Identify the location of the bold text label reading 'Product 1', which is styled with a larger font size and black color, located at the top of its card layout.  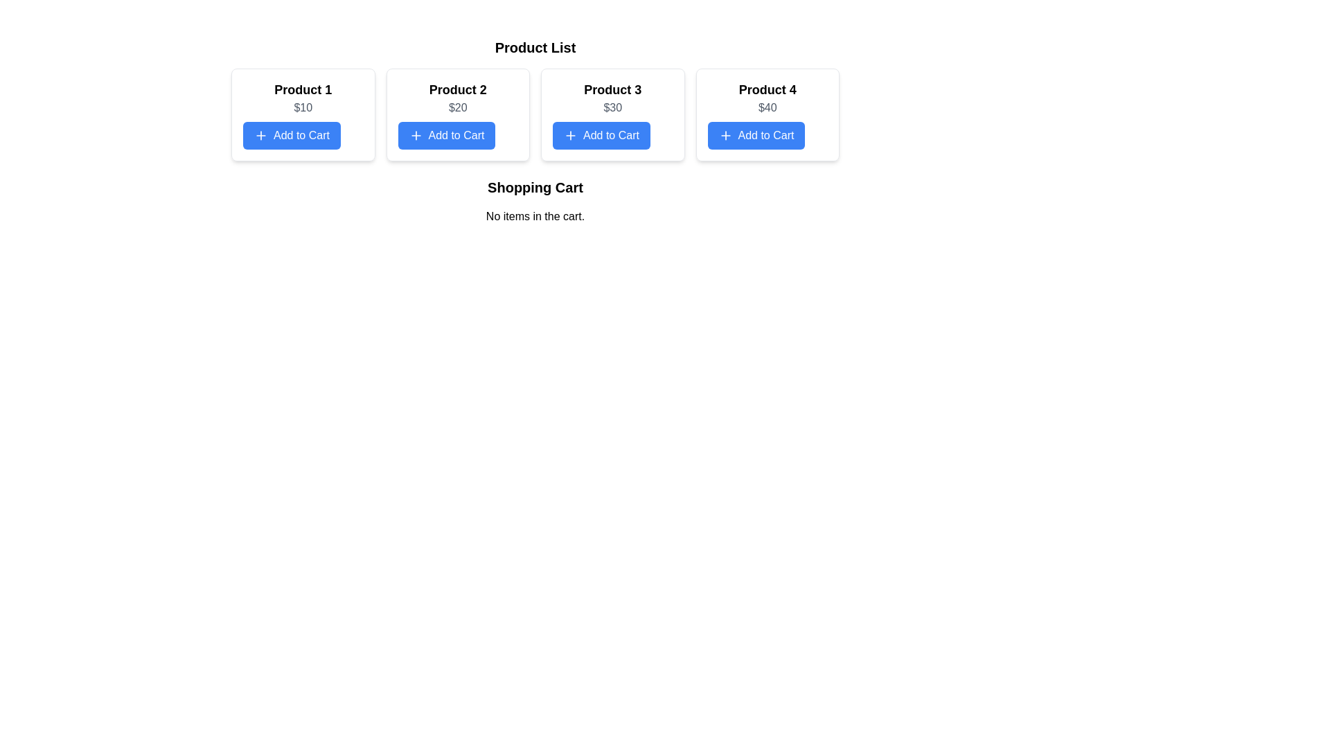
(302, 90).